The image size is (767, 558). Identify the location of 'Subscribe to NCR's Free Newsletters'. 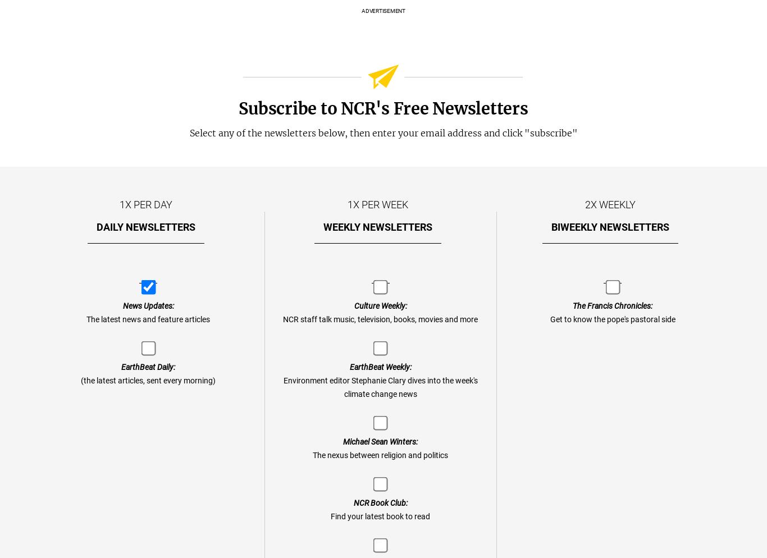
(382, 108).